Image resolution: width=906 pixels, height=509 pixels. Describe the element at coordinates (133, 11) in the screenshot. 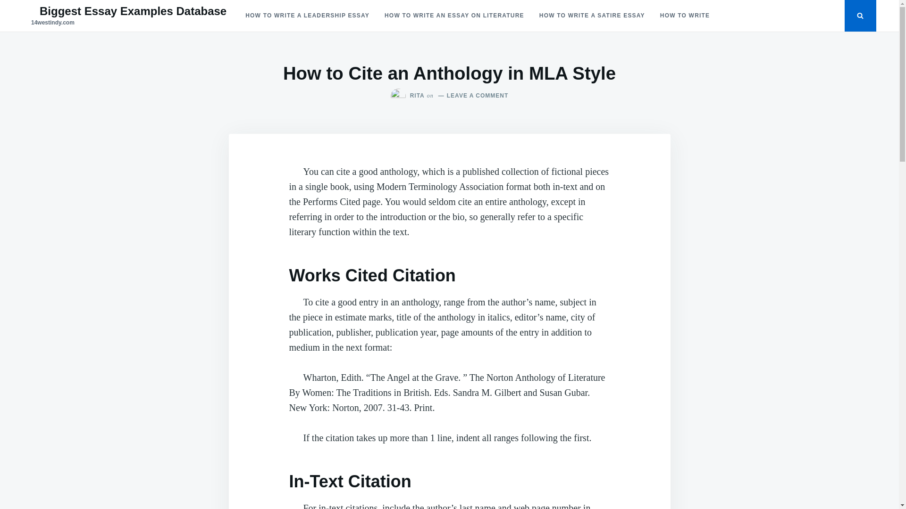

I see `'Biggest Essay Examples Database'` at that location.